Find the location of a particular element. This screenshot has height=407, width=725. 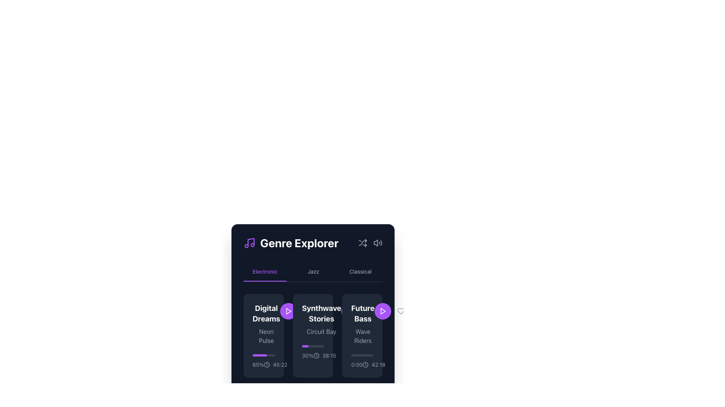

the tabbed navigation bar located under the 'Genre Explorer' heading is located at coordinates (313, 272).